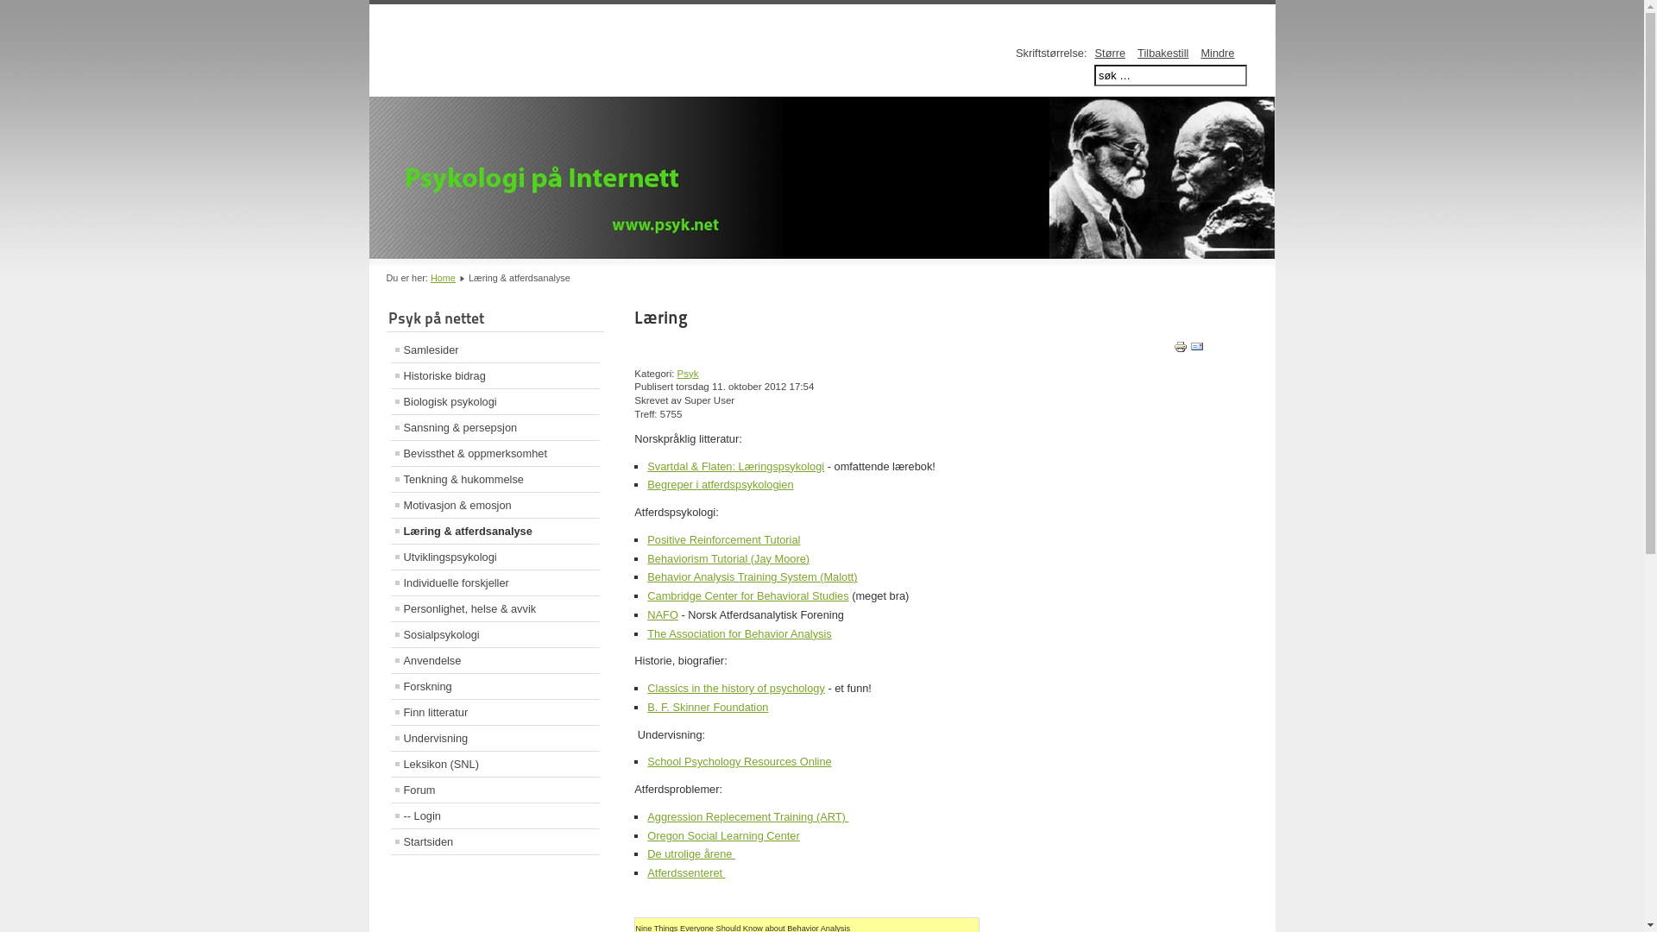 The image size is (1657, 932). What do you see at coordinates (494, 790) in the screenshot?
I see `'Forum'` at bounding box center [494, 790].